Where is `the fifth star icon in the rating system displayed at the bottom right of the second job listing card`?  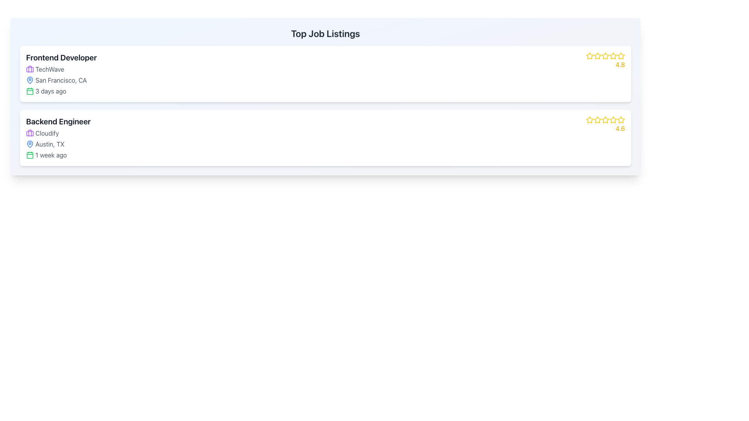
the fifth star icon in the rating system displayed at the bottom right of the second job listing card is located at coordinates (612, 120).